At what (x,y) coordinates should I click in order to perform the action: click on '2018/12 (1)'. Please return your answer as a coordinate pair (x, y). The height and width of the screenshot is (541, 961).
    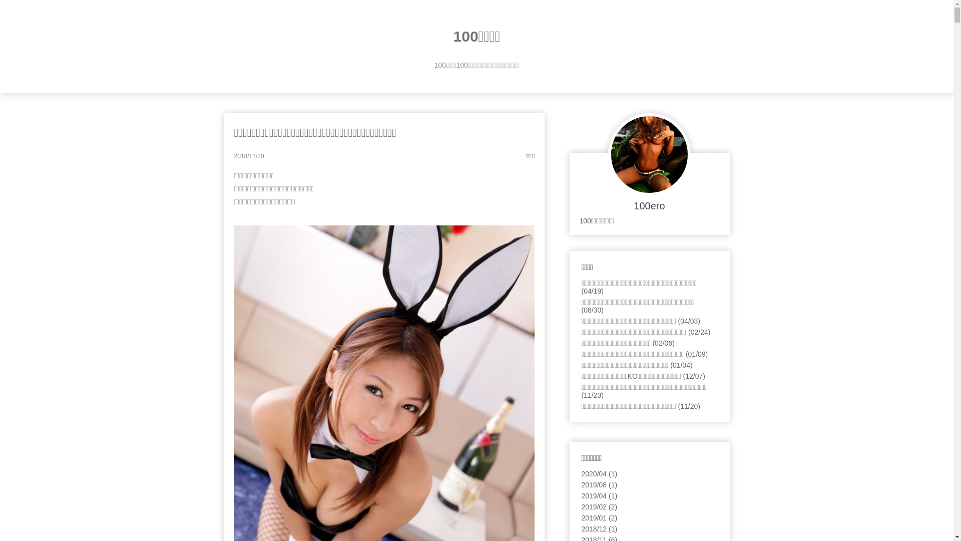
    Looking at the image, I should click on (600, 528).